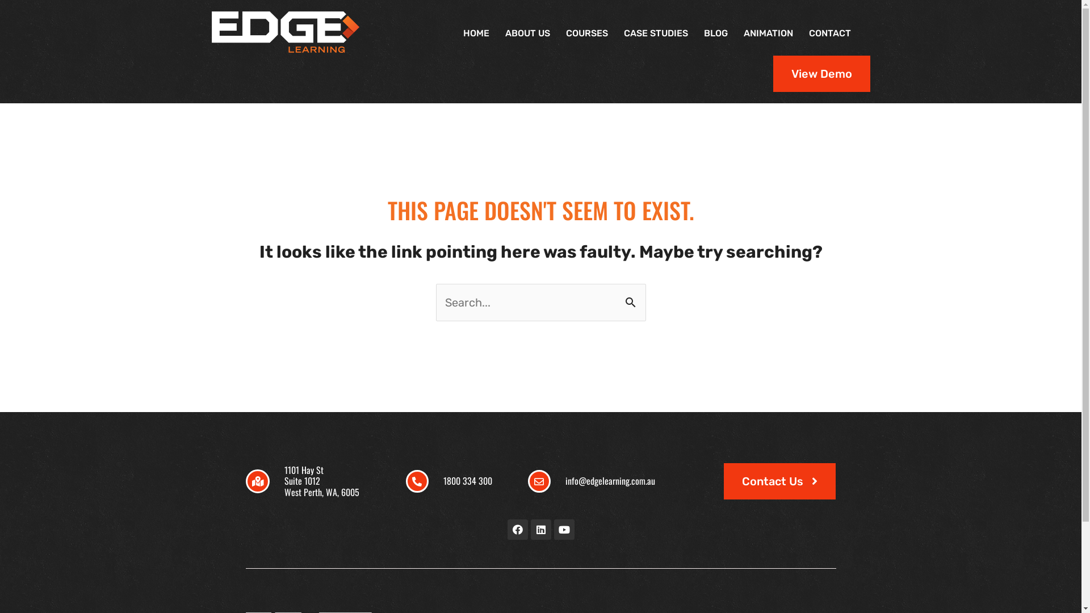 This screenshot has height=613, width=1090. Describe the element at coordinates (610, 481) in the screenshot. I see `'info@edgelearning.com.au'` at that location.